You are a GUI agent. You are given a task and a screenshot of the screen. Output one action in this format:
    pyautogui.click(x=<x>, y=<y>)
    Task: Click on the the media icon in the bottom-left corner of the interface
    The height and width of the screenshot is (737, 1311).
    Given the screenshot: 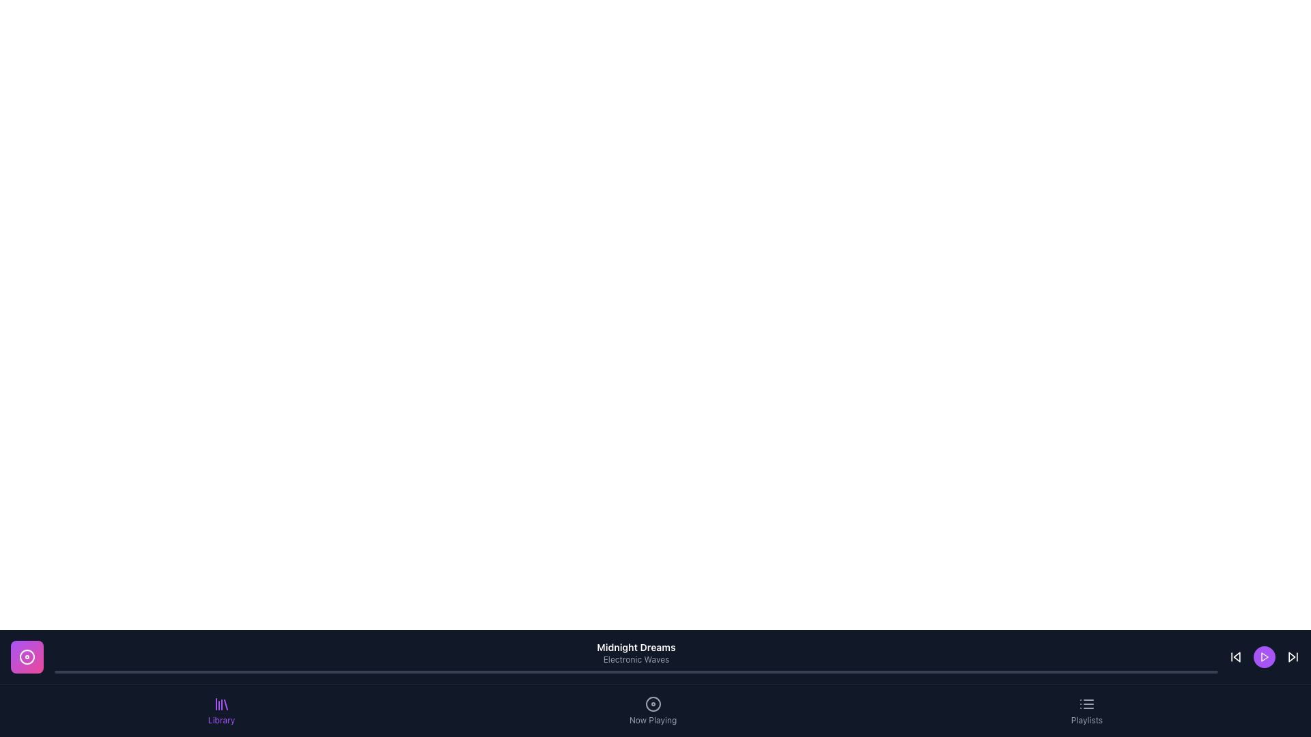 What is the action you would take?
    pyautogui.click(x=27, y=656)
    